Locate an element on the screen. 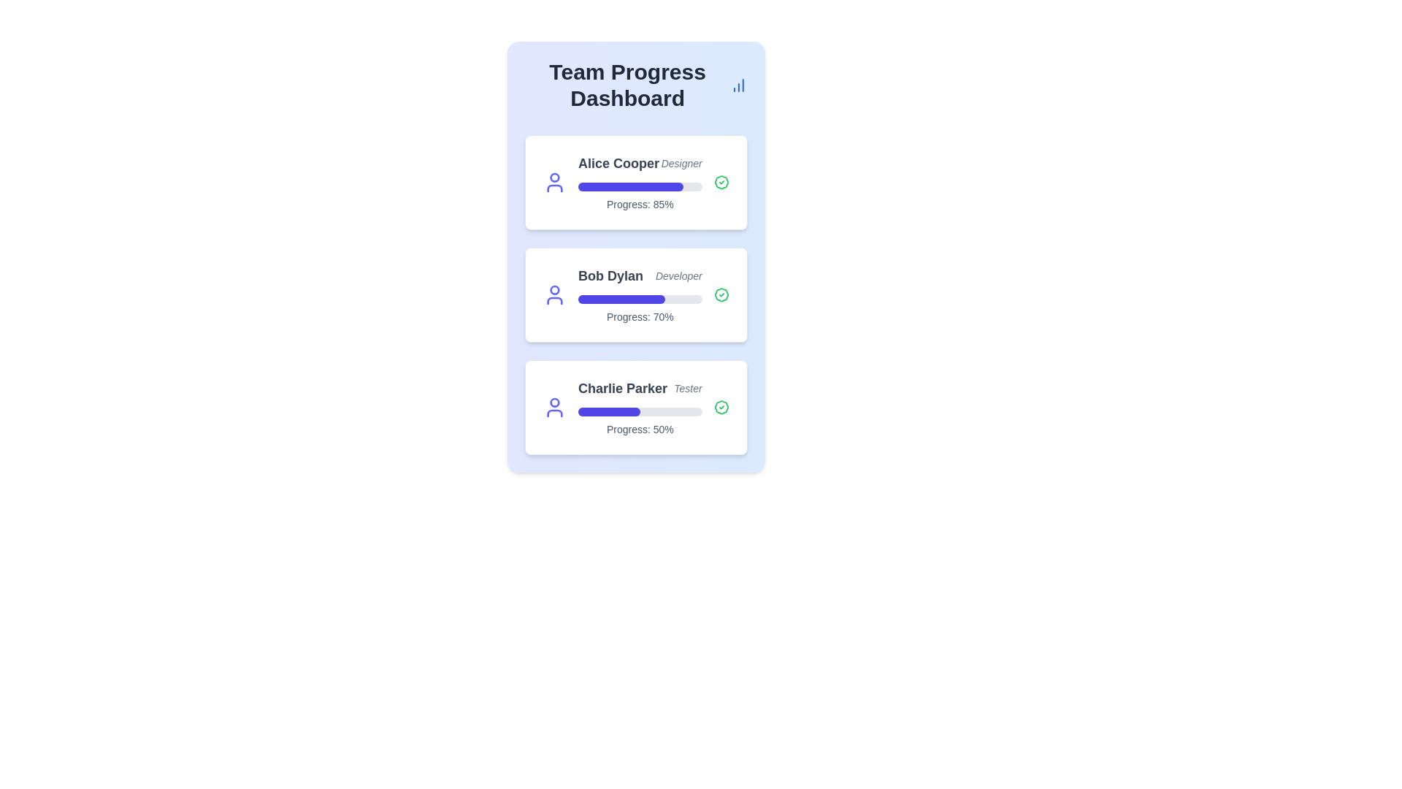 Image resolution: width=1402 pixels, height=789 pixels. the text label 'Tester' which is styled in a small, italicized gray font and positioned to the right of 'Charlie Parker' in the list is located at coordinates (687, 388).